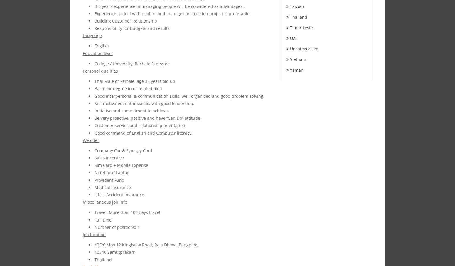 The width and height of the screenshot is (455, 266). I want to click on 'Language', so click(92, 35).